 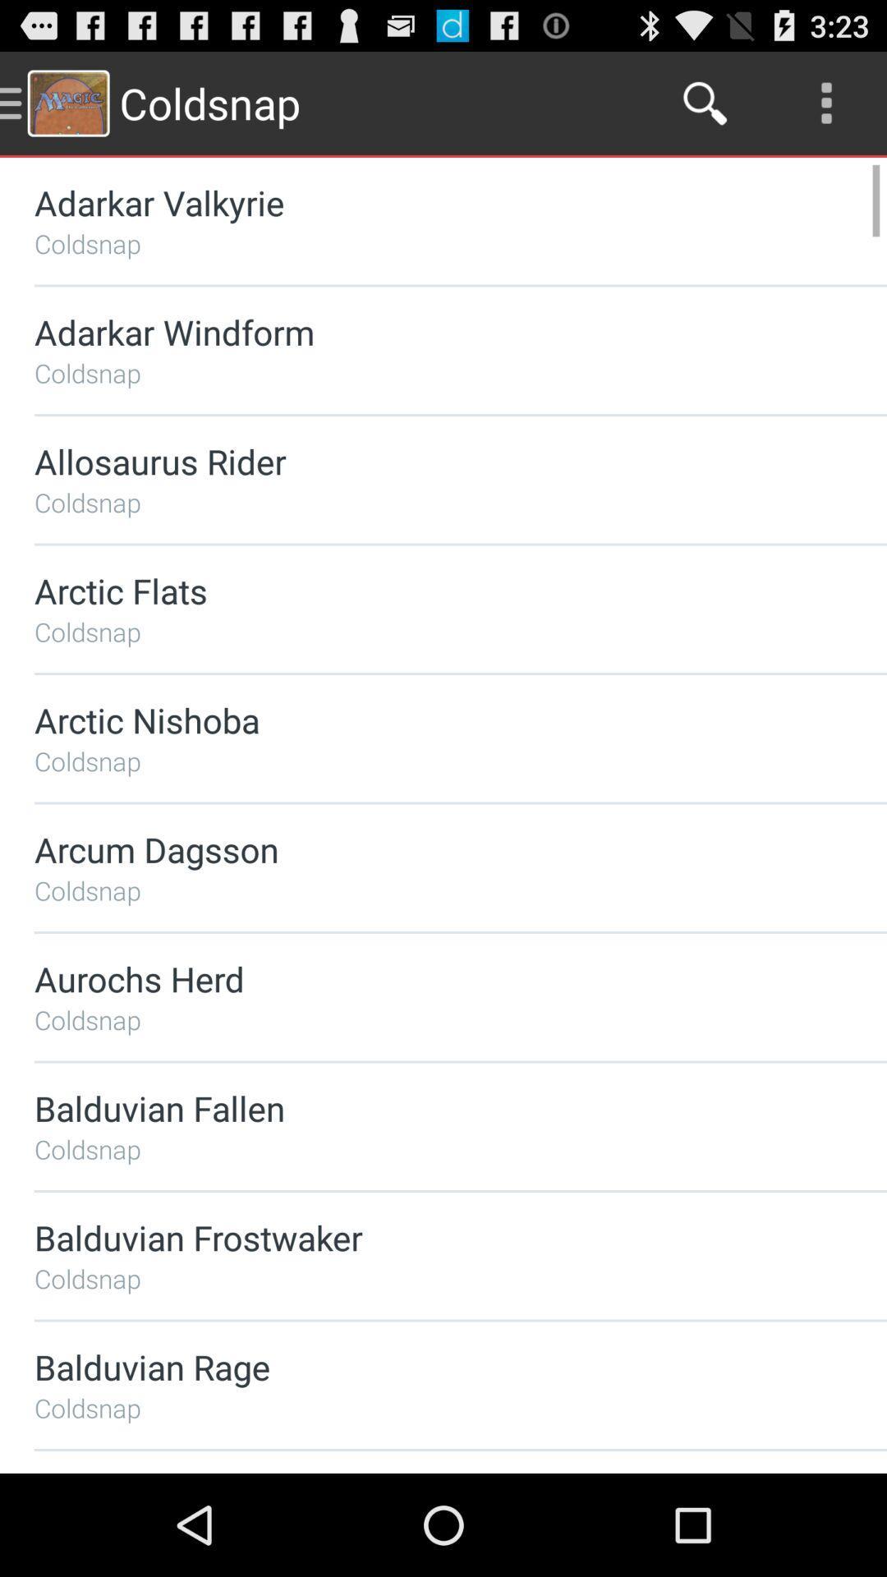 What do you see at coordinates (416, 460) in the screenshot?
I see `the allosaurus rider item` at bounding box center [416, 460].